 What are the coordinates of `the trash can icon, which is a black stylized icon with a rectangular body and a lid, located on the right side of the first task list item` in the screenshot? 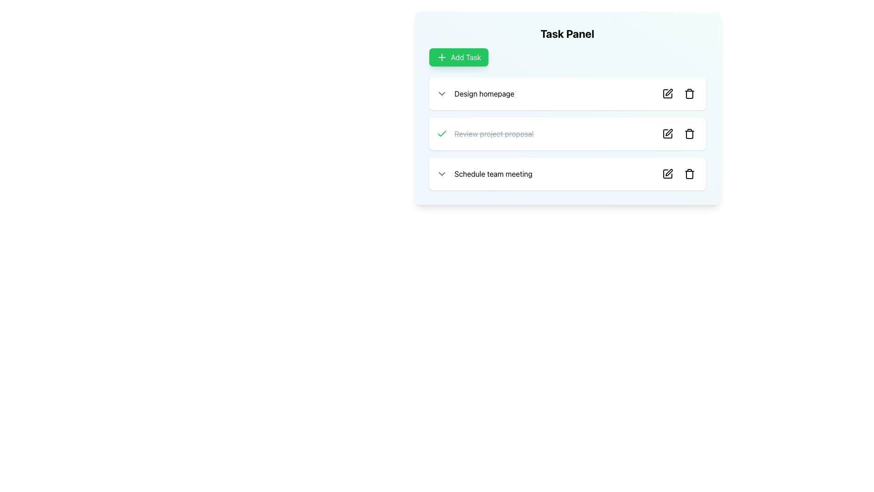 It's located at (689, 93).